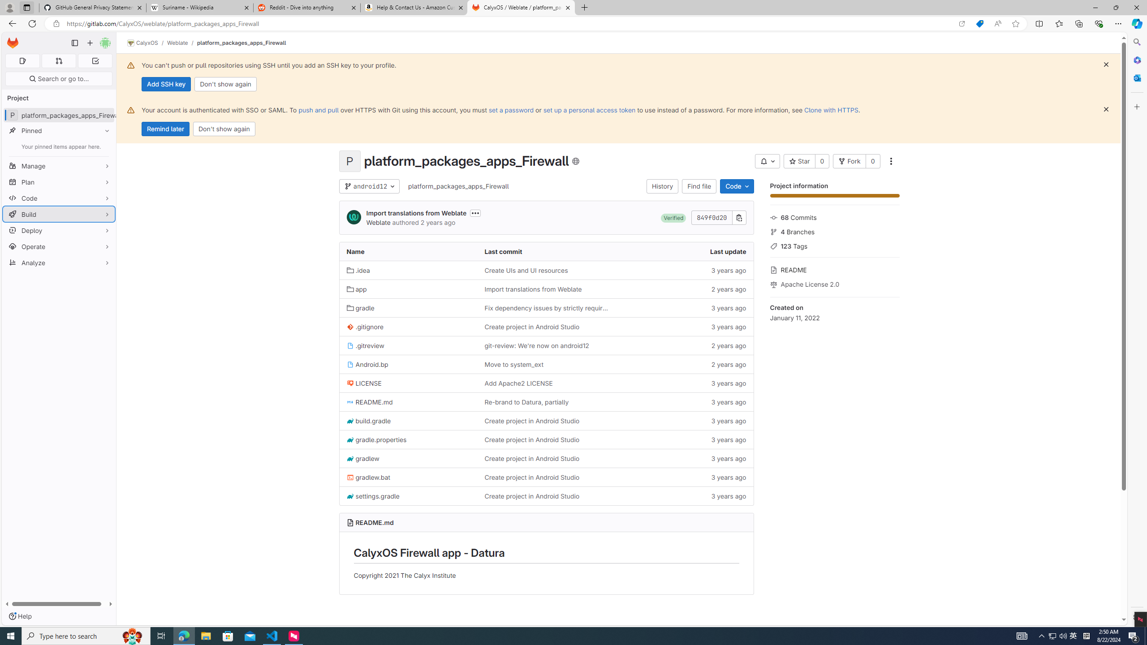 This screenshot has width=1147, height=645. I want to click on 'Add Apache2 LICENSE', so click(518, 383).